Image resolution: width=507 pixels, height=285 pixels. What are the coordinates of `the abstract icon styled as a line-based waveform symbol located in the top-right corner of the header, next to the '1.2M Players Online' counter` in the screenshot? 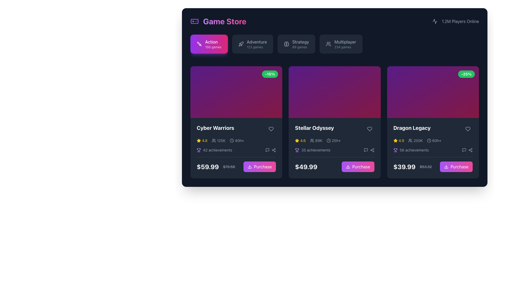 It's located at (435, 21).